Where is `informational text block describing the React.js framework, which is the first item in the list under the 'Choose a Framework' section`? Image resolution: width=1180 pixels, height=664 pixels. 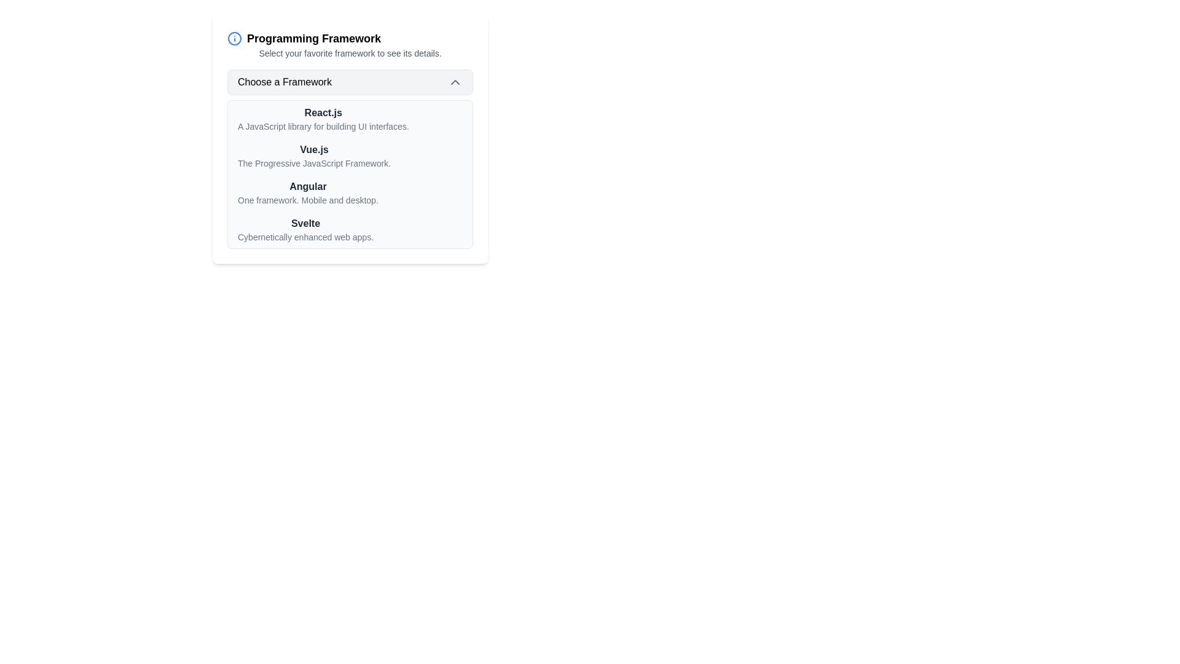
informational text block describing the React.js framework, which is the first item in the list under the 'Choose a Framework' section is located at coordinates (323, 119).